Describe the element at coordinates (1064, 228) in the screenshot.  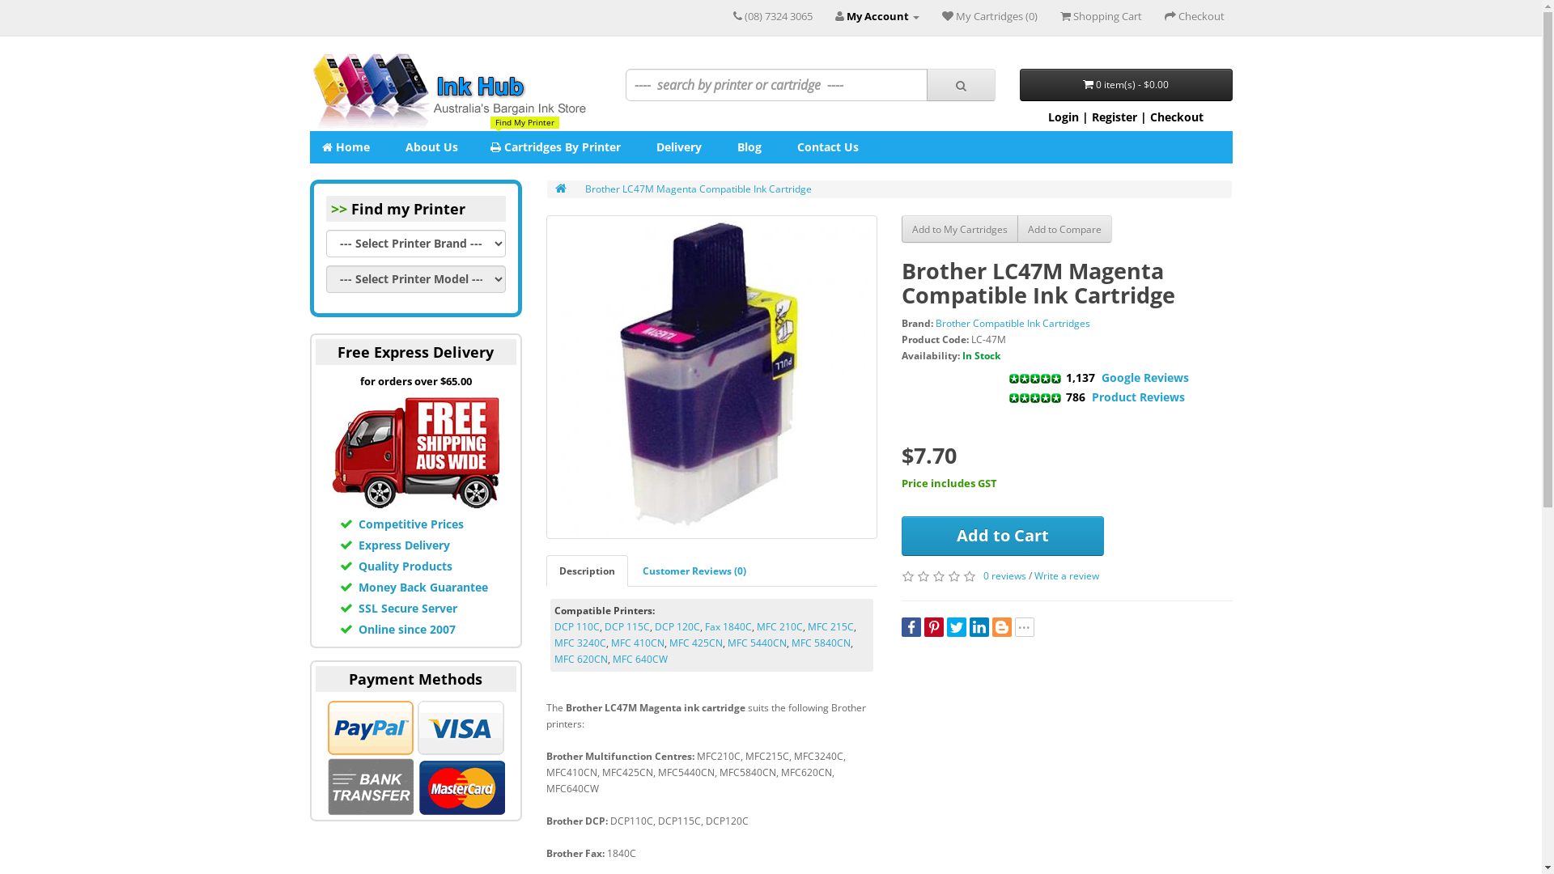
I see `'Add to Compare'` at that location.